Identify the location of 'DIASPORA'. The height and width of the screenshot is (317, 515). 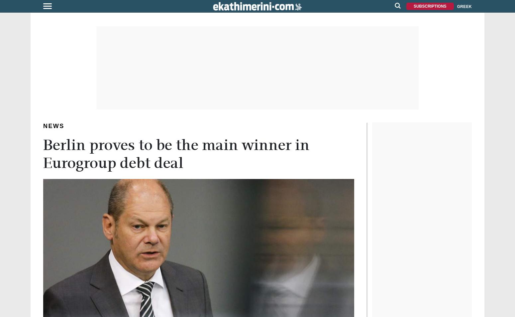
(16, 94).